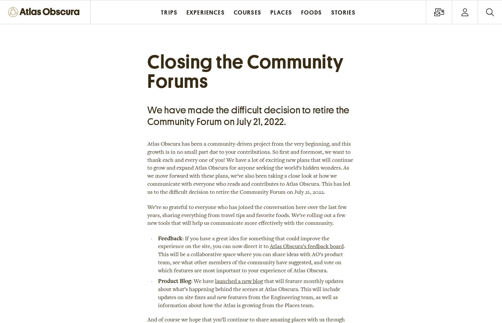  Describe the element at coordinates (245, 71) in the screenshot. I see `'Closing the Community Forums'` at that location.